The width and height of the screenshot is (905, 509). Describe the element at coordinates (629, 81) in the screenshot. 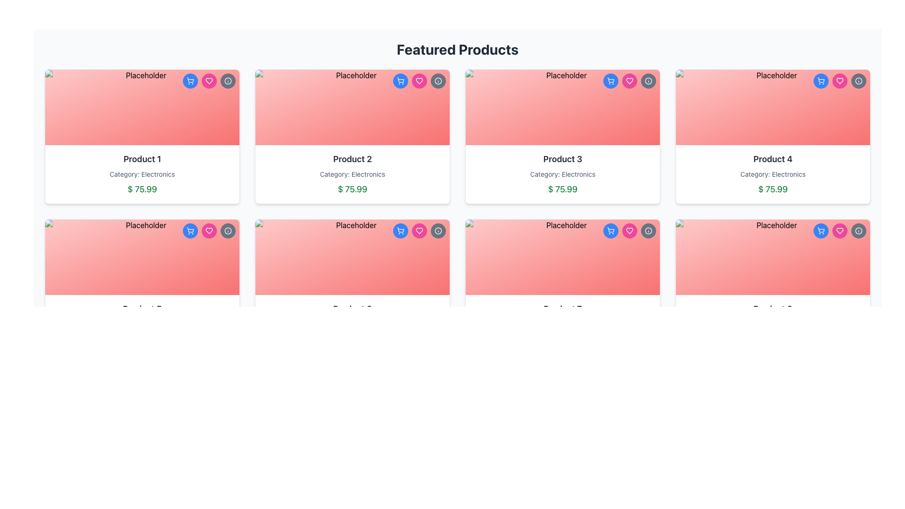

I see `the heart-shaped icon with a hollow center and solid outline in pink color to mark 'Product 3' as favorite` at that location.